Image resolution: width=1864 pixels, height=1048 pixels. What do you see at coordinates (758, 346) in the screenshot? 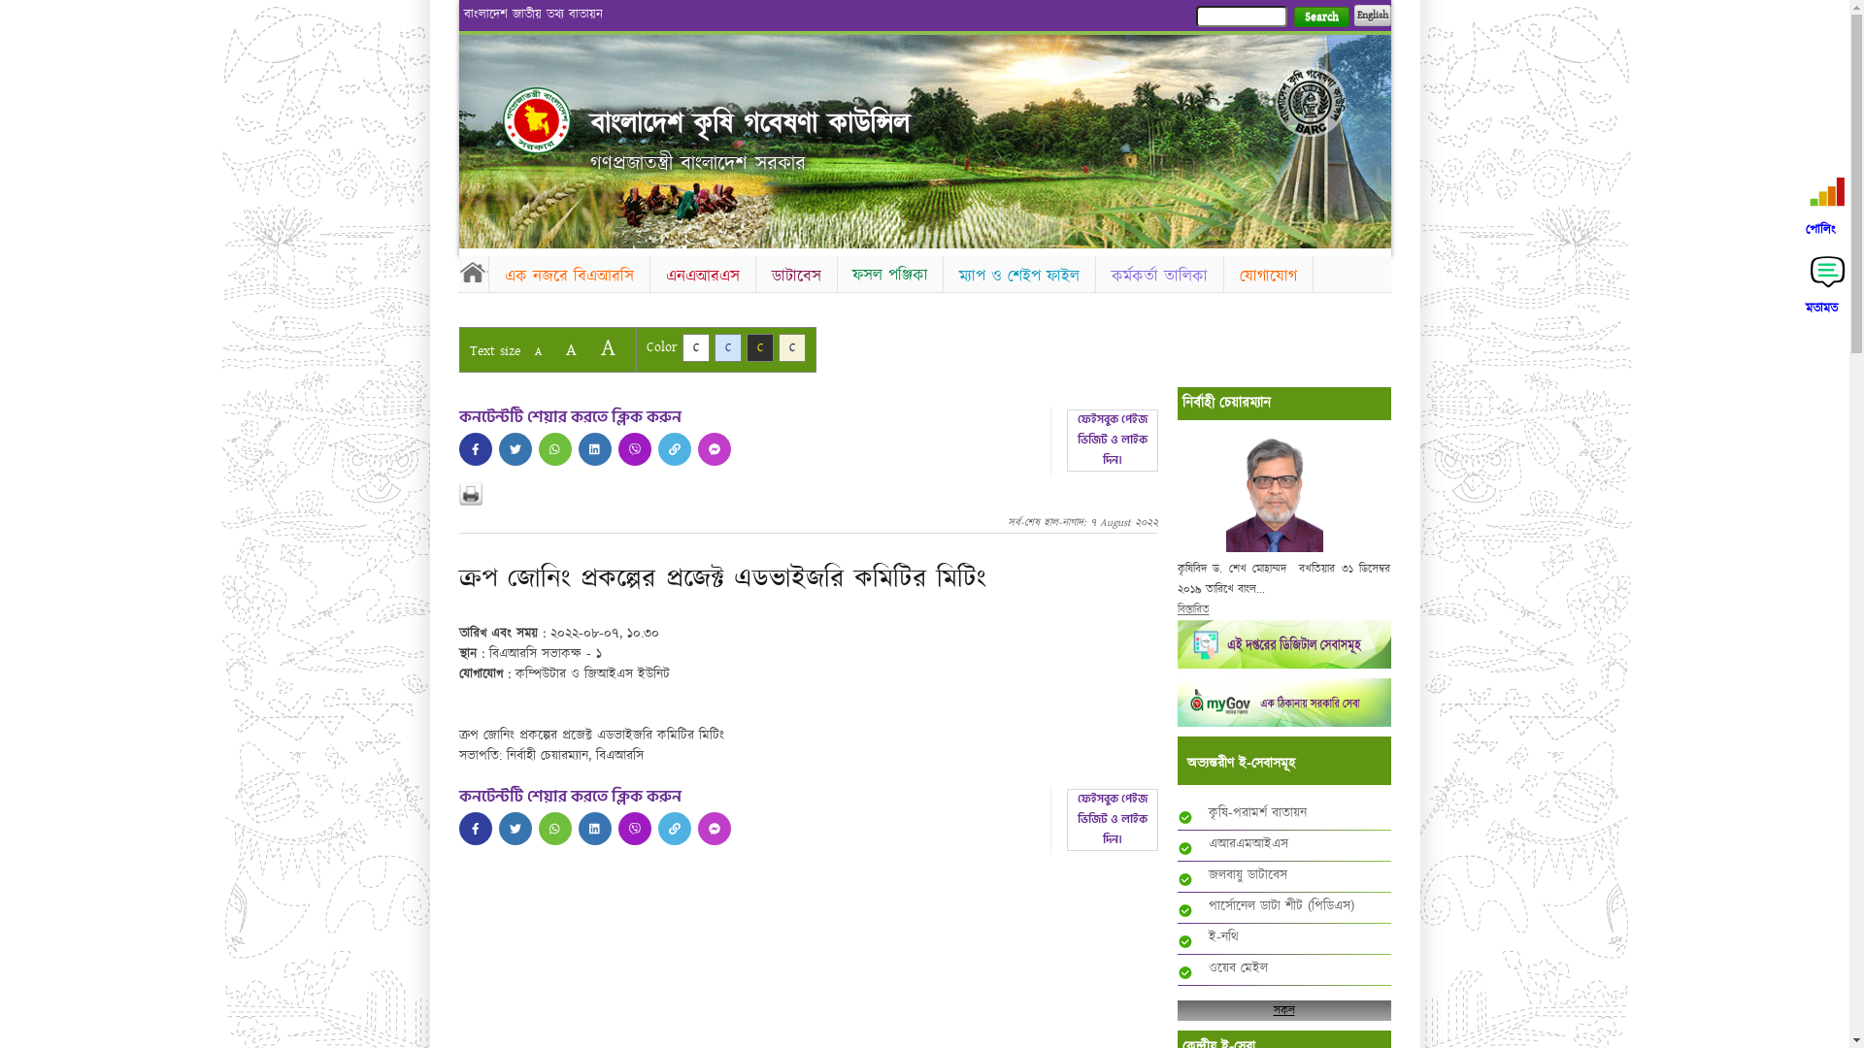
I see `'C'` at bounding box center [758, 346].